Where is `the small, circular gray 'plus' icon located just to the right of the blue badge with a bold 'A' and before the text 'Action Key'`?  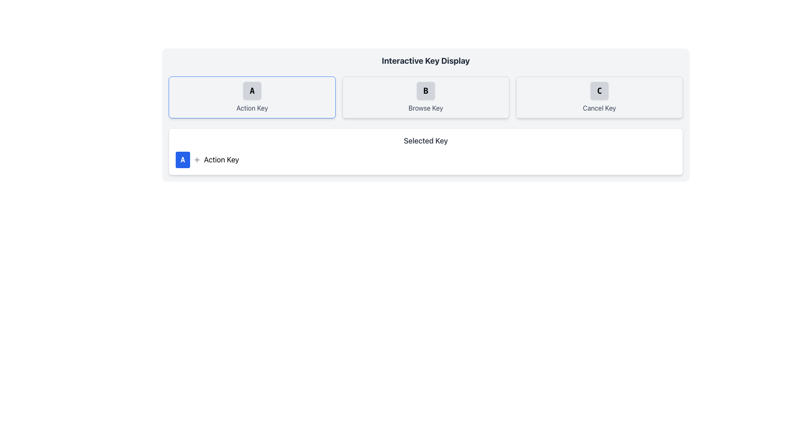
the small, circular gray 'plus' icon located just to the right of the blue badge with a bold 'A' and before the text 'Action Key' is located at coordinates (196, 160).